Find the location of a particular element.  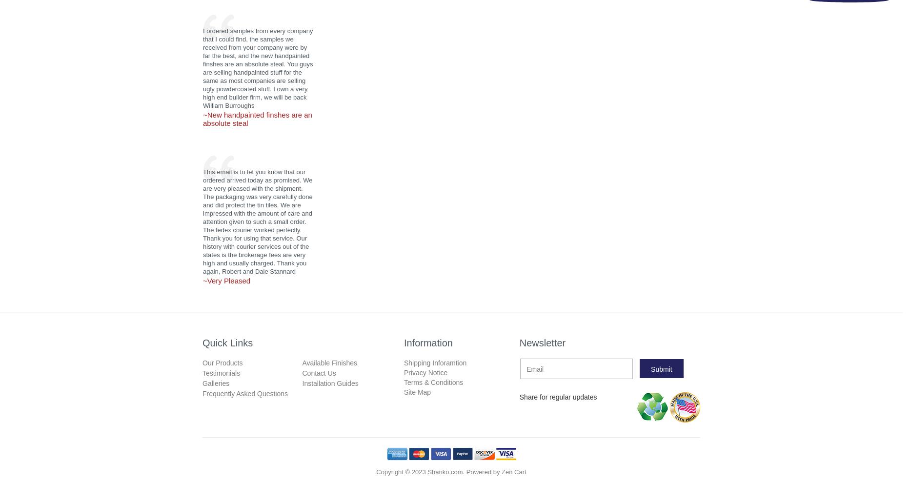

'Zen Cart' is located at coordinates (513, 471).